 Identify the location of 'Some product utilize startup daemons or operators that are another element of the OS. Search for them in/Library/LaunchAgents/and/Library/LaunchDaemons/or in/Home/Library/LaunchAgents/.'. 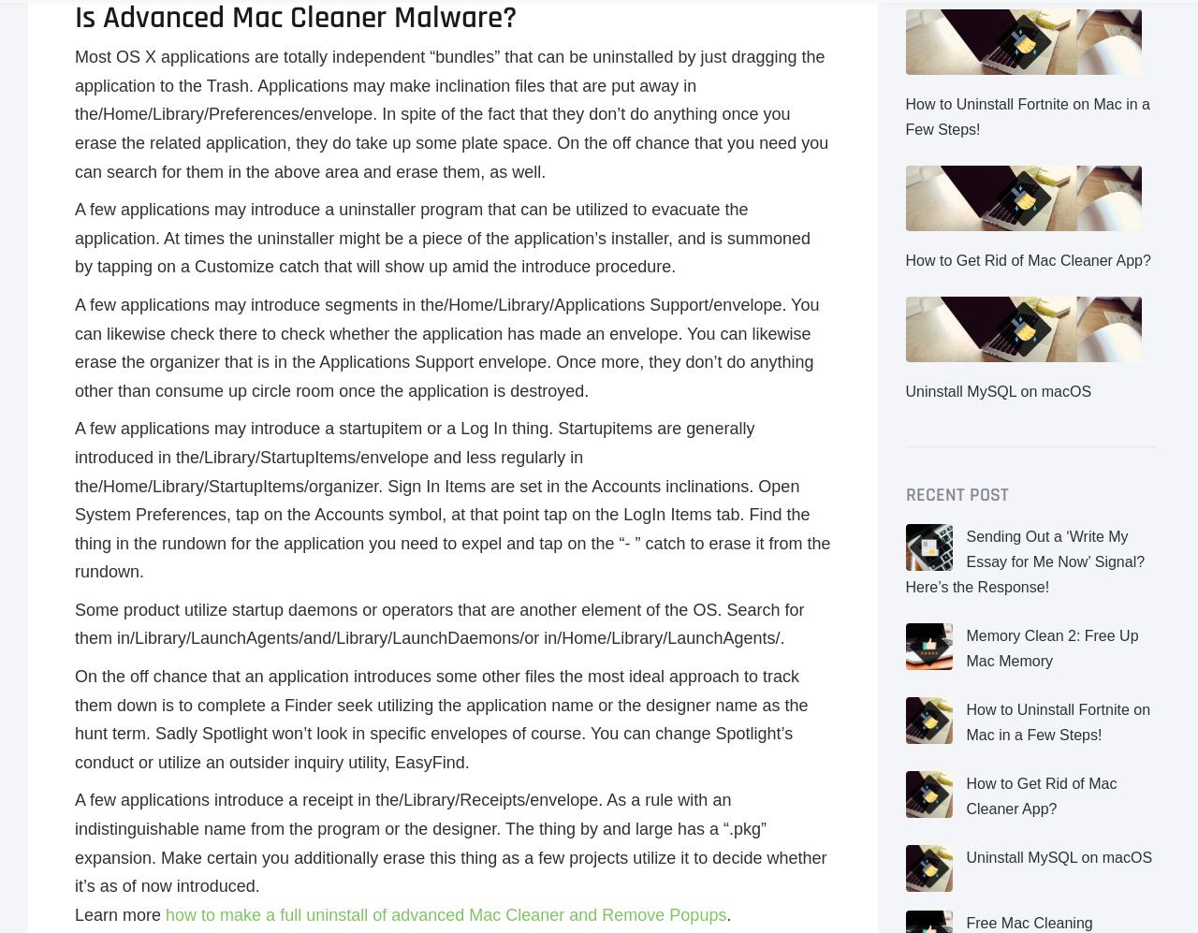
(75, 623).